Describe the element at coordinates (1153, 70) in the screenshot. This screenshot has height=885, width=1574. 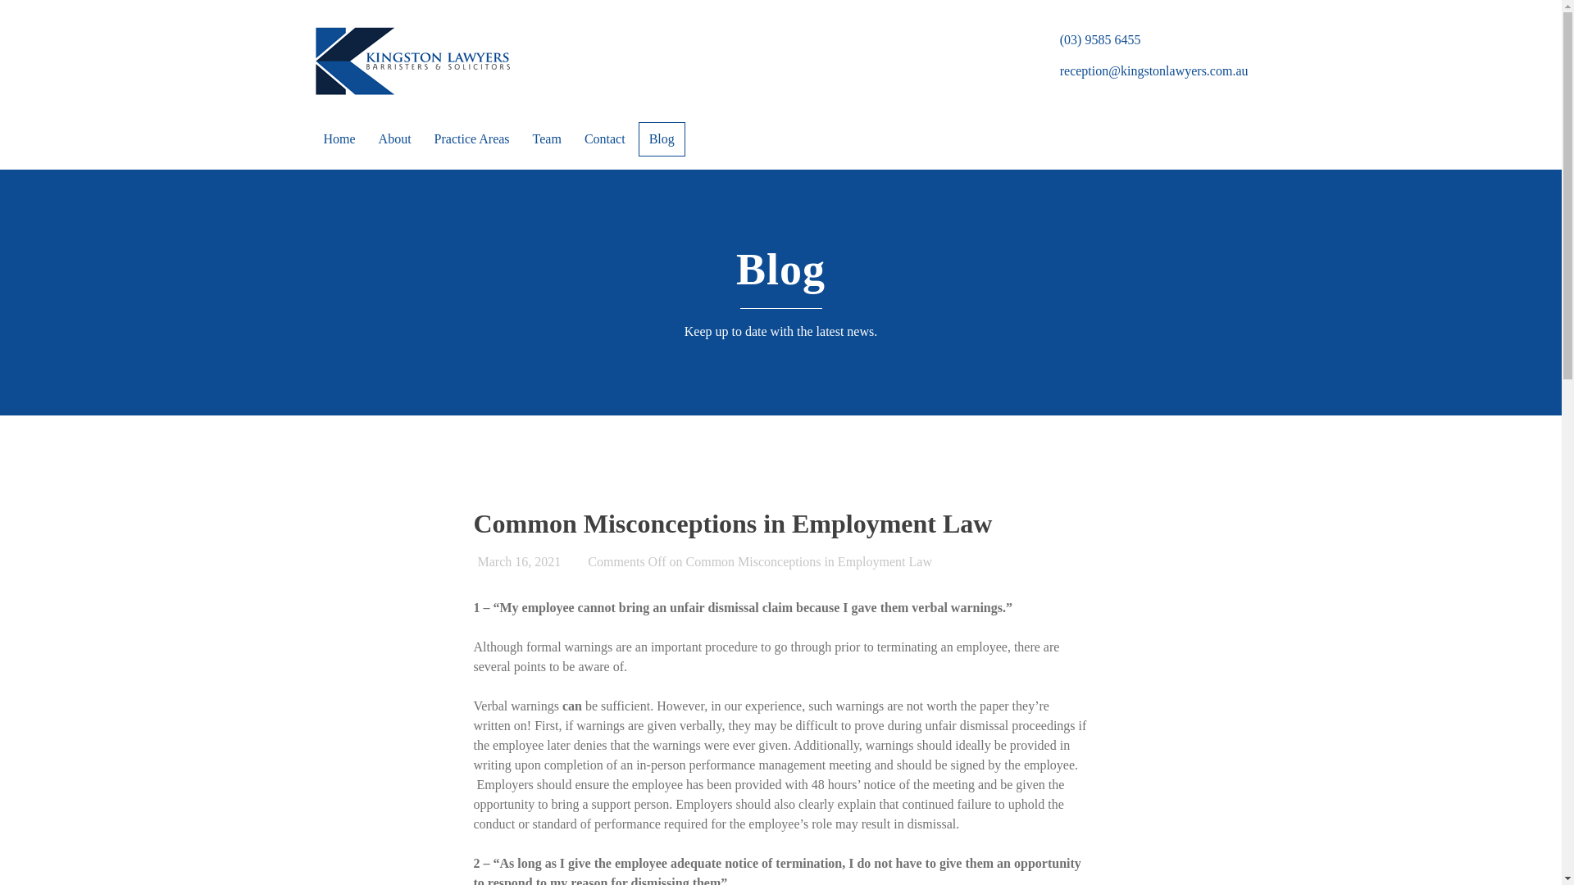
I see `'reception@kingstonlawyers.com.au'` at that location.